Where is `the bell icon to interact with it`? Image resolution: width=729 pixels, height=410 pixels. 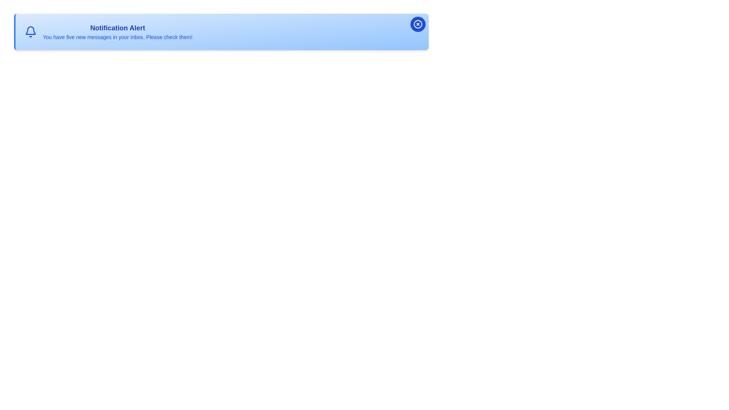 the bell icon to interact with it is located at coordinates (30, 32).